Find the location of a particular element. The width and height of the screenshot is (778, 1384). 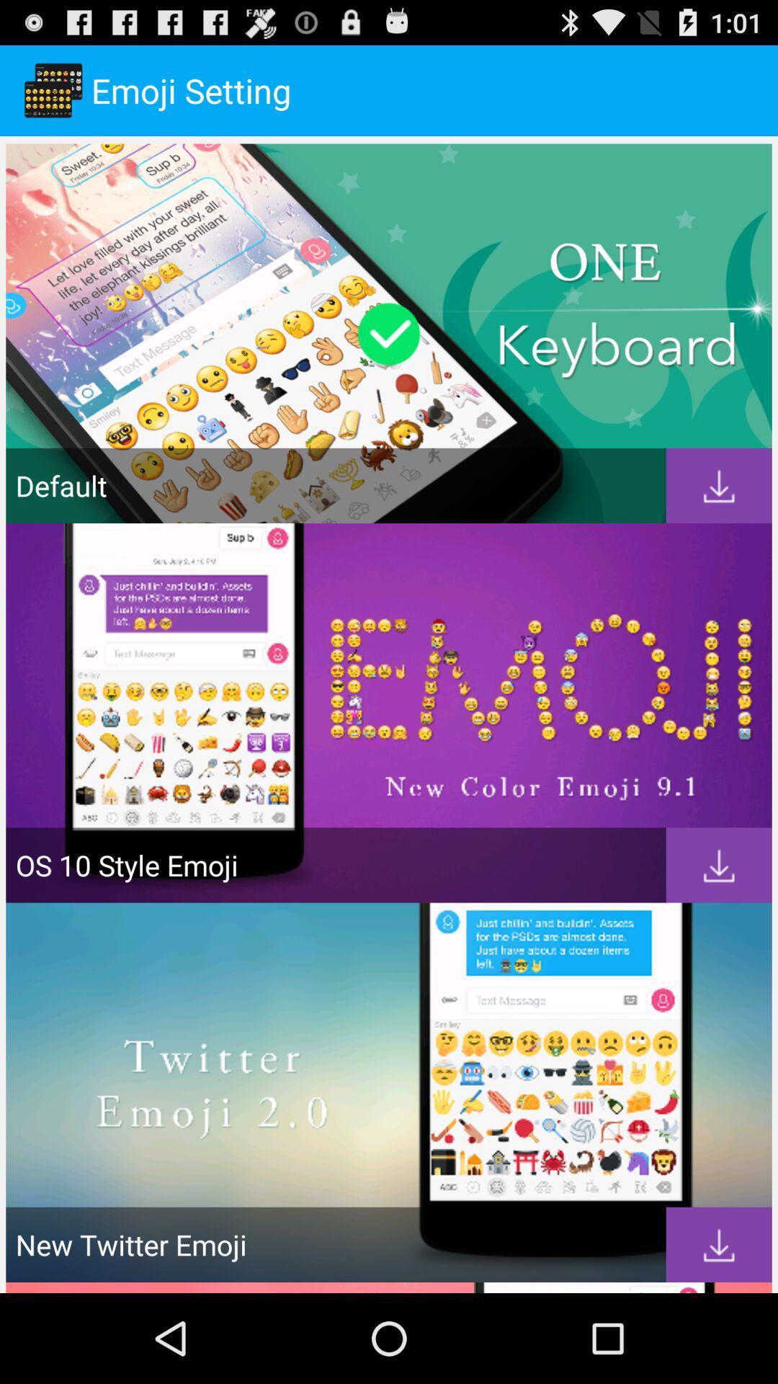

download button is located at coordinates (719, 1244).